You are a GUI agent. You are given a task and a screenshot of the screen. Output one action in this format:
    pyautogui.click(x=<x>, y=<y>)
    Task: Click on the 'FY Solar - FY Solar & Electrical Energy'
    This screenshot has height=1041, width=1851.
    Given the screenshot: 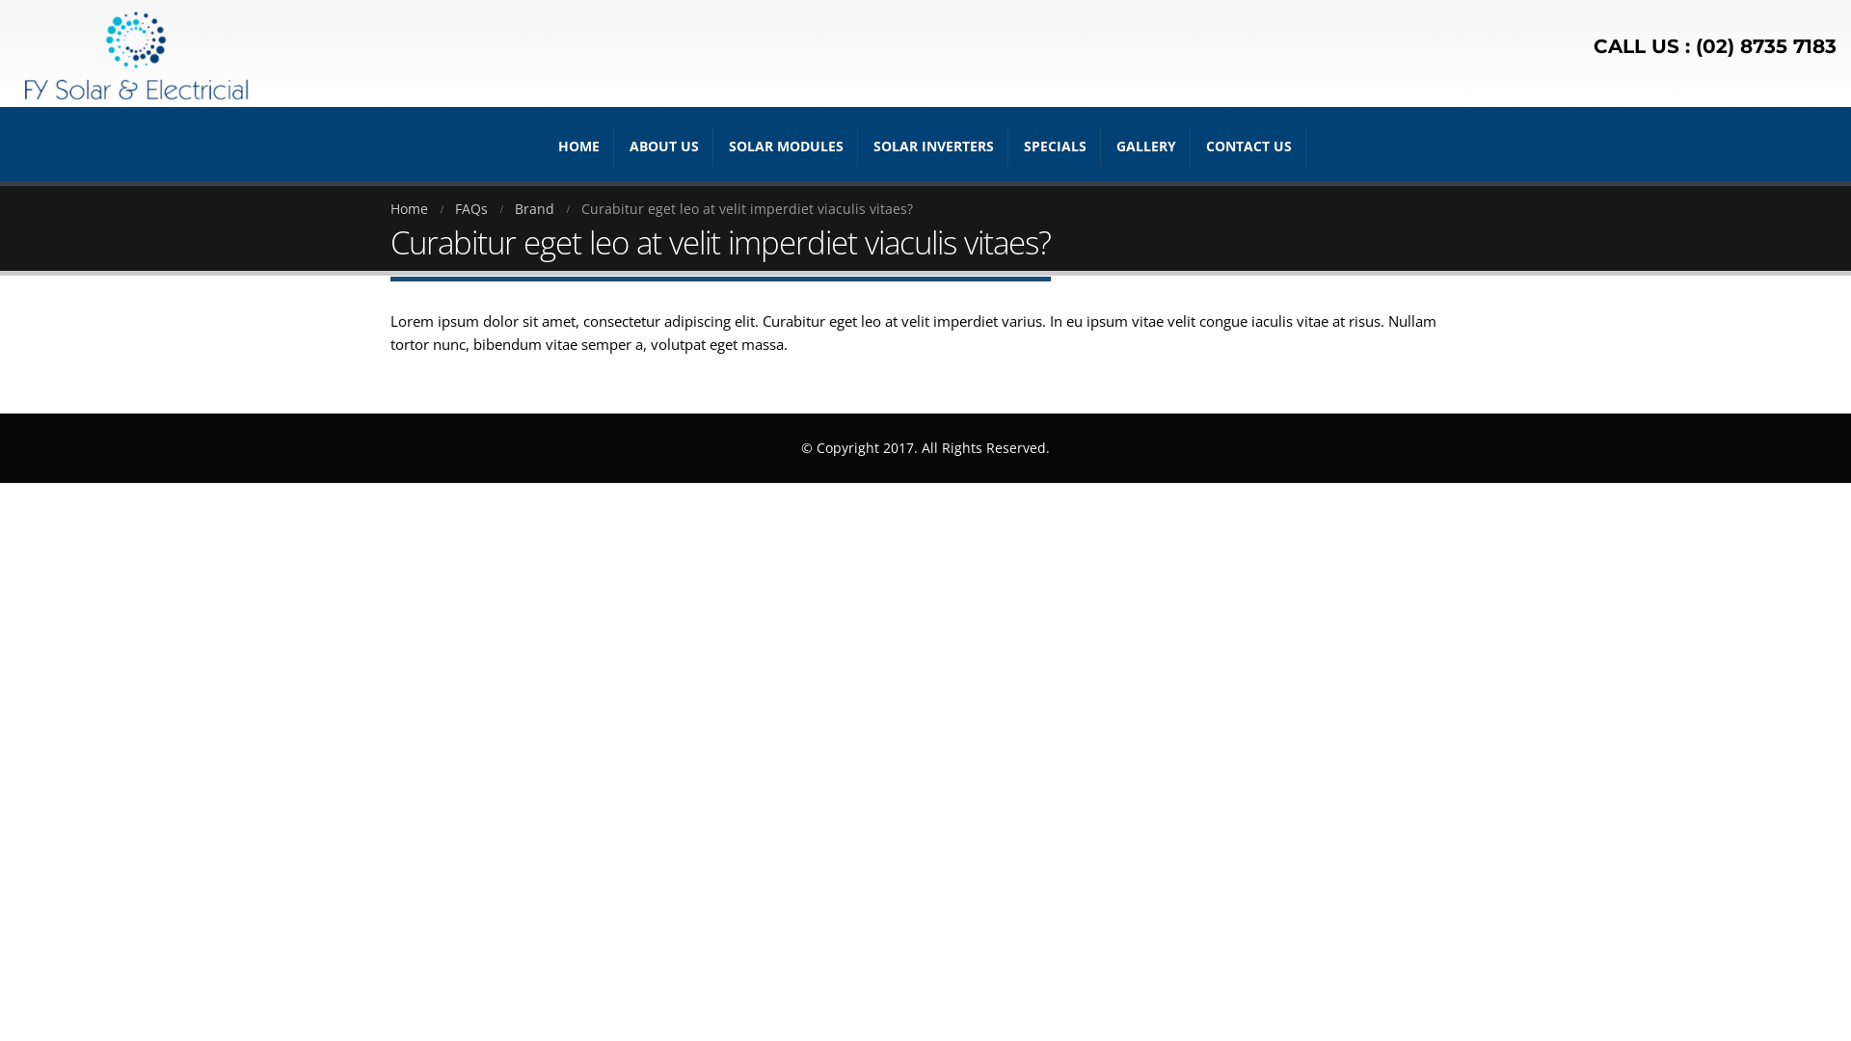 What is the action you would take?
    pyautogui.click(x=133, y=52)
    